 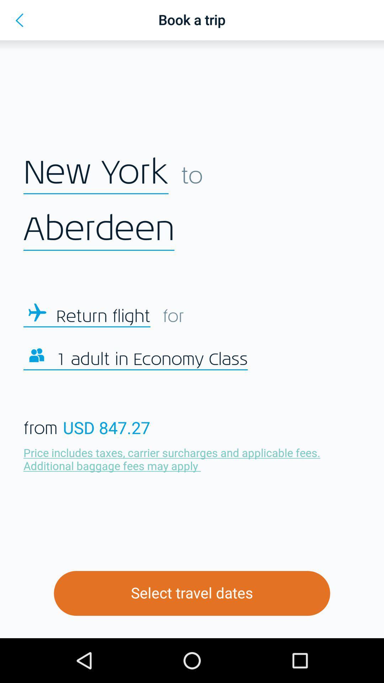 I want to click on icon above the 1 adult in, so click(x=103, y=316).